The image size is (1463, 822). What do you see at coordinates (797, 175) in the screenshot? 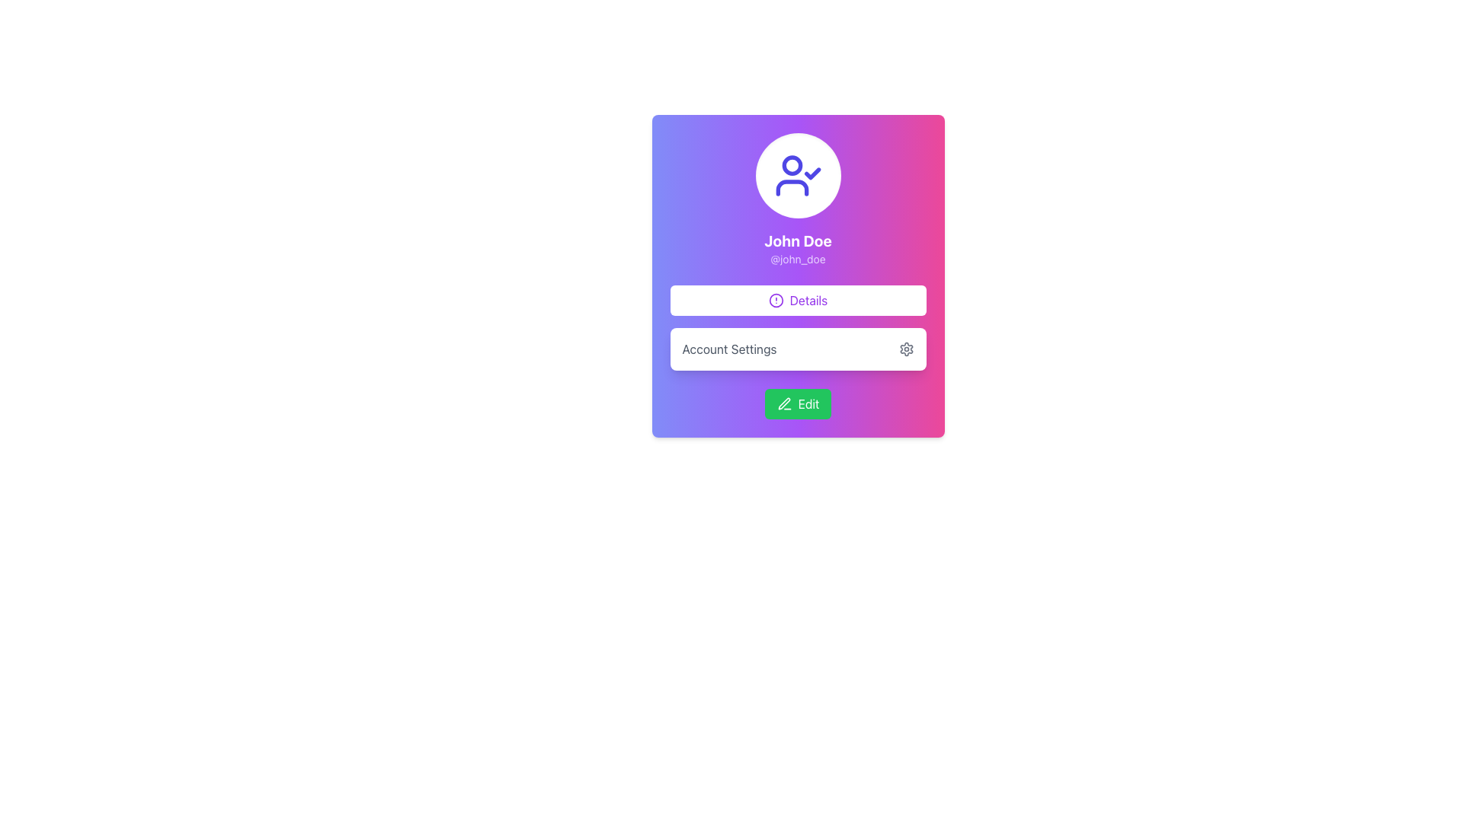
I see `user avatar icon located at the center of the circular area above the text 'John Doe' and '@john_doe'` at bounding box center [797, 175].